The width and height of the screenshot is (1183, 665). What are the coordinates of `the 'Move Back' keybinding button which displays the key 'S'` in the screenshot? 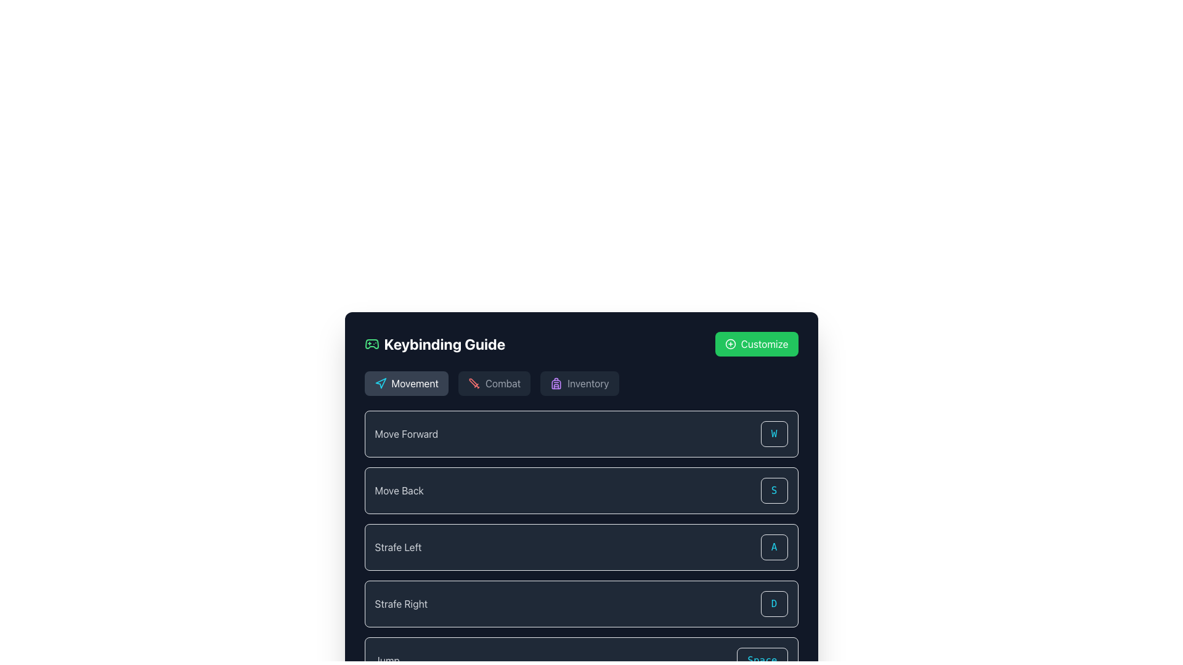 It's located at (773, 490).